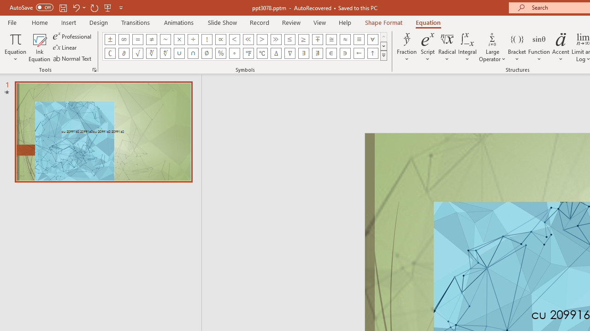 This screenshot has width=590, height=331. Describe the element at coordinates (304, 39) in the screenshot. I see `'Equation Symbol Greater Than or Equal To'` at that location.